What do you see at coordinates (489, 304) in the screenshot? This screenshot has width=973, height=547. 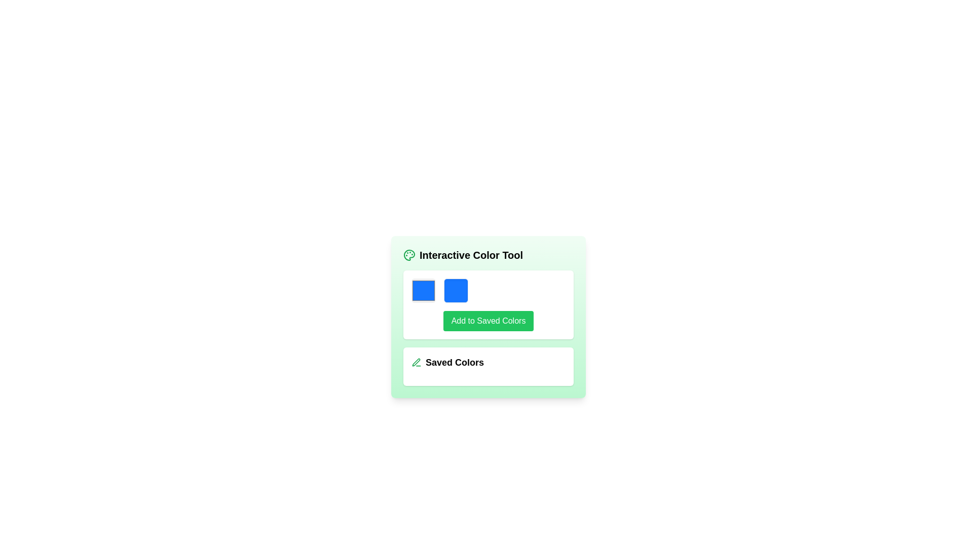 I see `the 'Add` at bounding box center [489, 304].